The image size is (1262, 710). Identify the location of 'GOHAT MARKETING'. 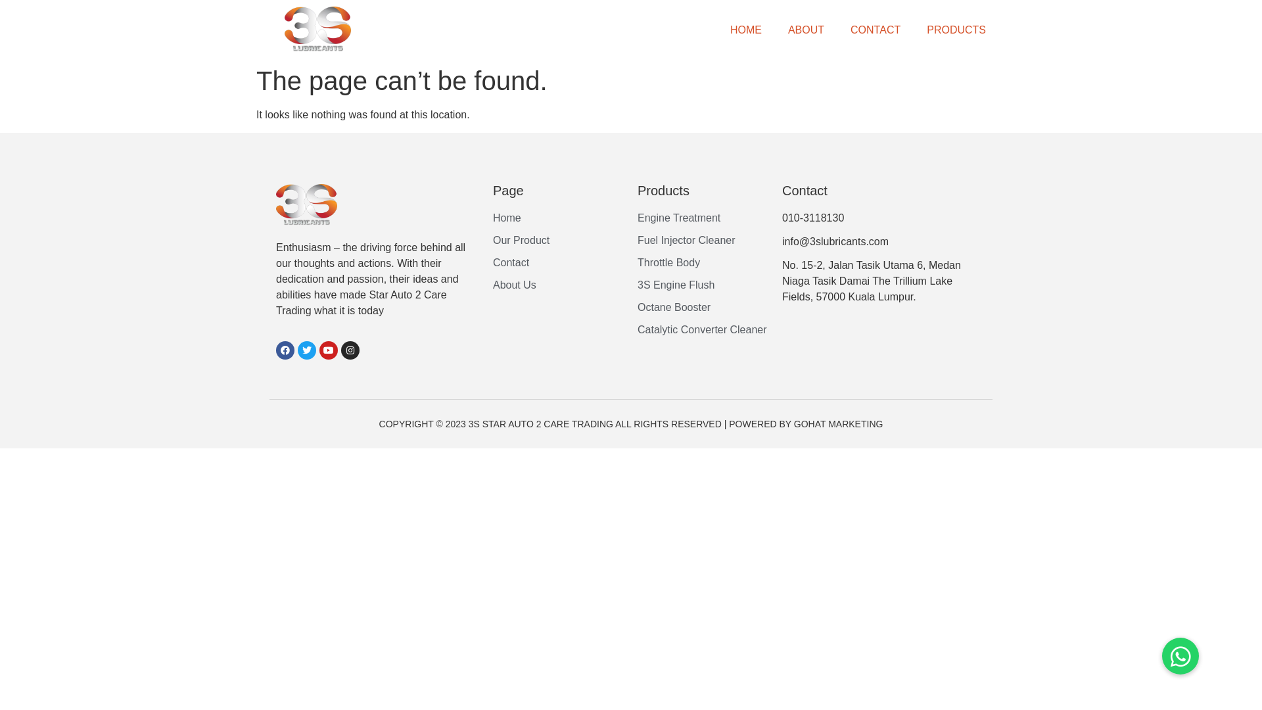
(838, 423).